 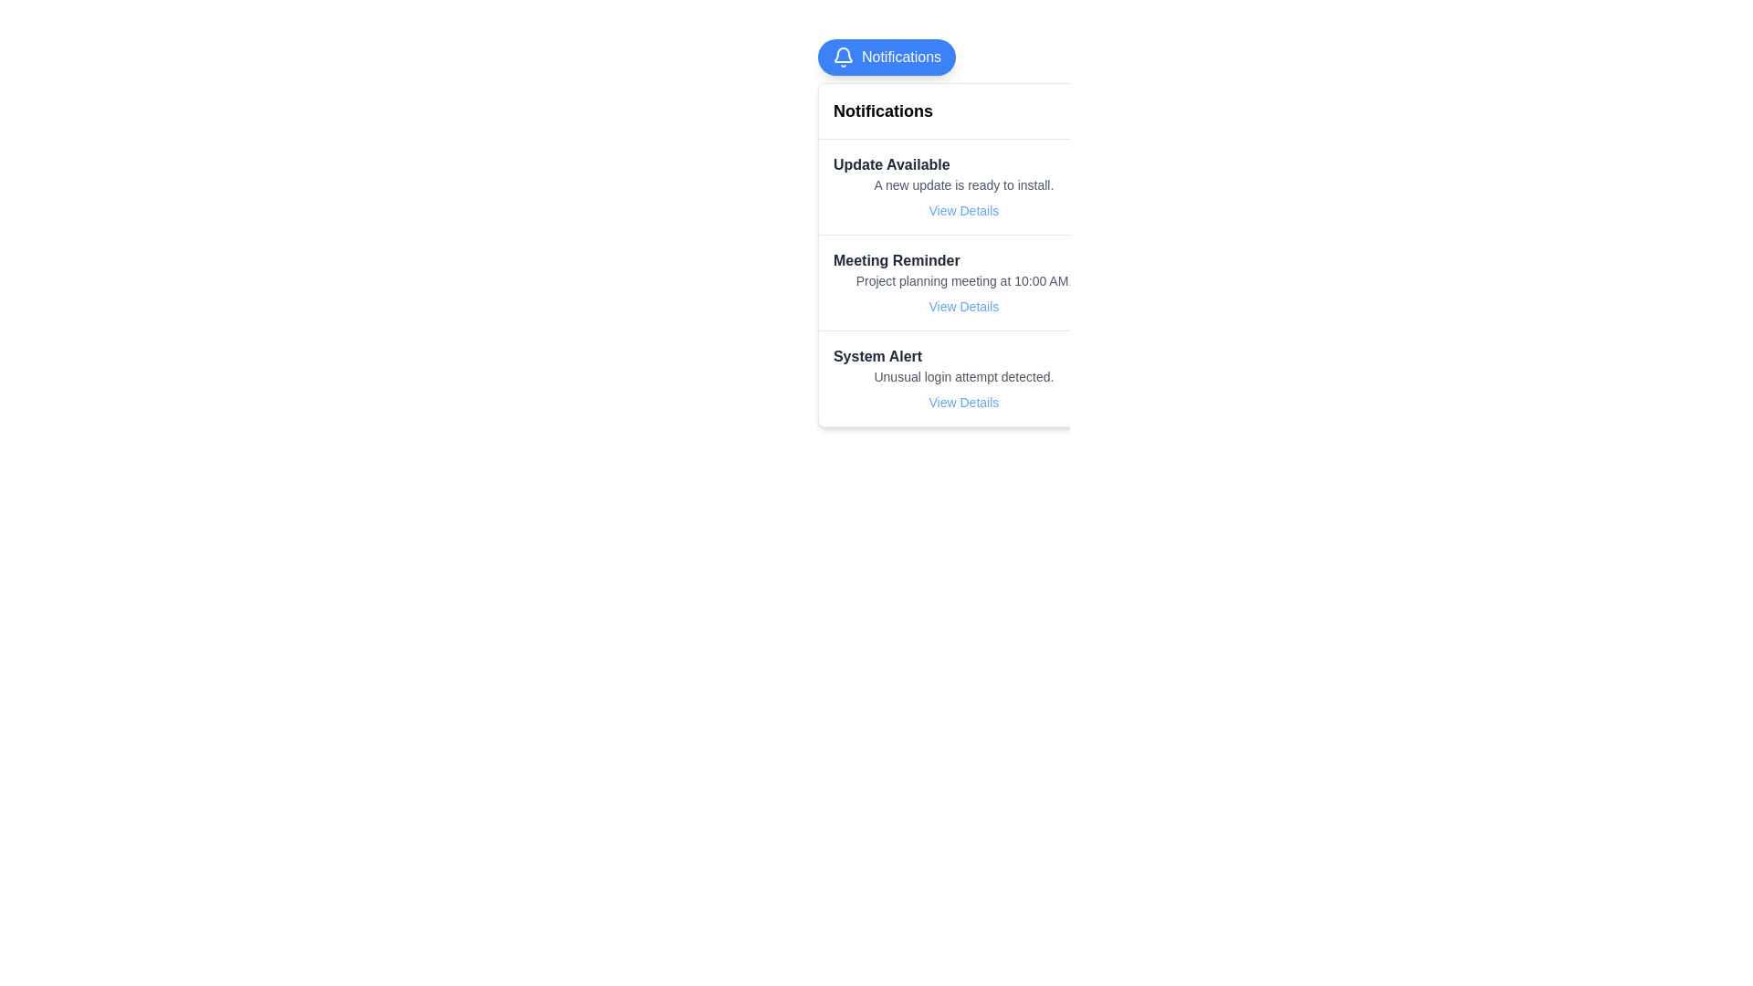 I want to click on the hyperlink located at the bottom of the notification card labeled 'System Alert', positioned centrally below the text 'Unusual login attempt detected', to trigger a visual change, so click(x=963, y=401).